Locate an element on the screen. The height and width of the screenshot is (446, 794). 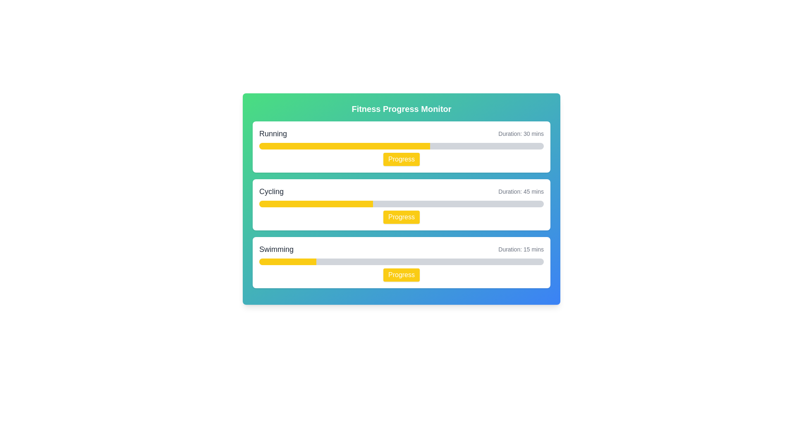
the text label displaying 'Running' in bold font located in the first activity card of the fitness progress interface is located at coordinates (273, 133).